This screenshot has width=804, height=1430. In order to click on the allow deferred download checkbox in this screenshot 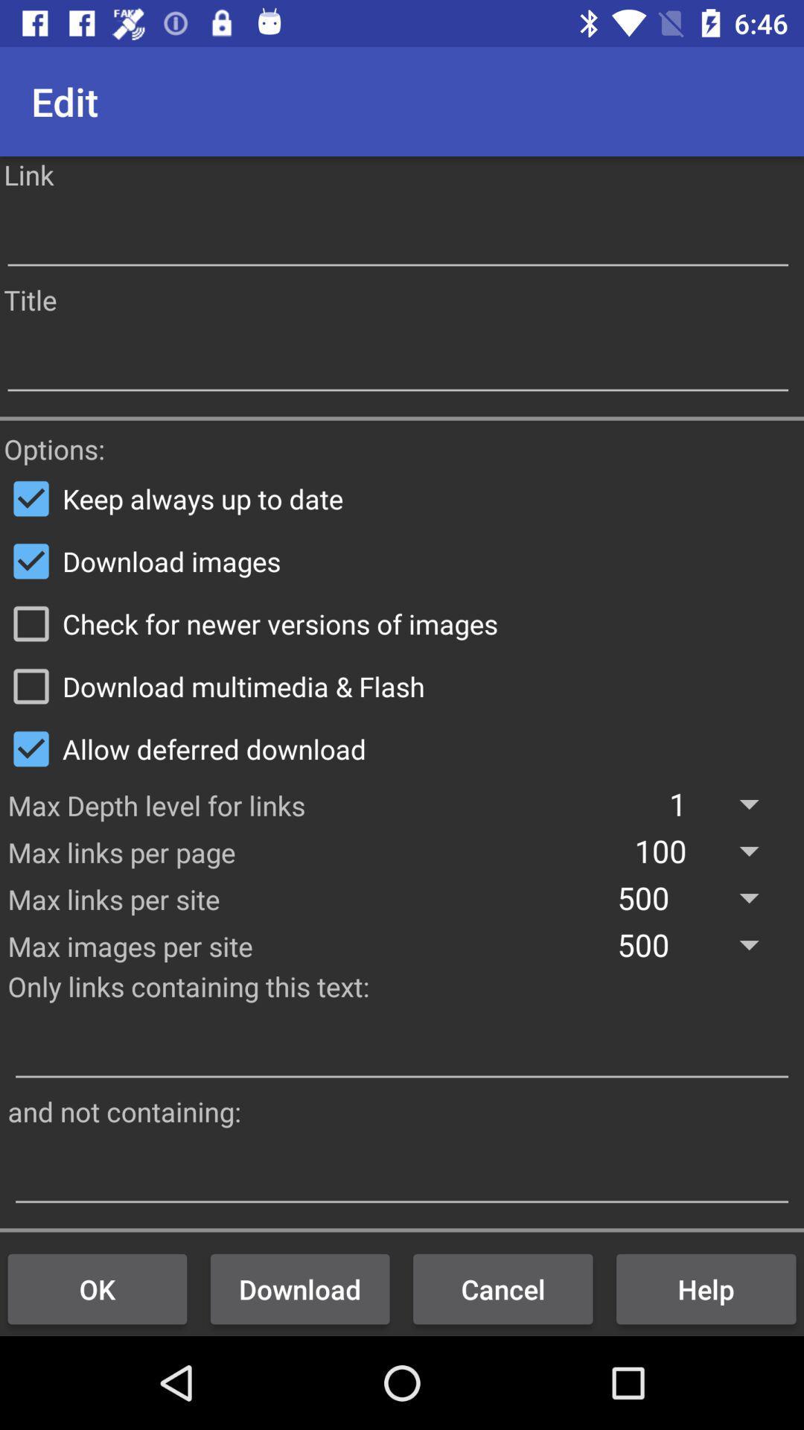, I will do `click(402, 749)`.